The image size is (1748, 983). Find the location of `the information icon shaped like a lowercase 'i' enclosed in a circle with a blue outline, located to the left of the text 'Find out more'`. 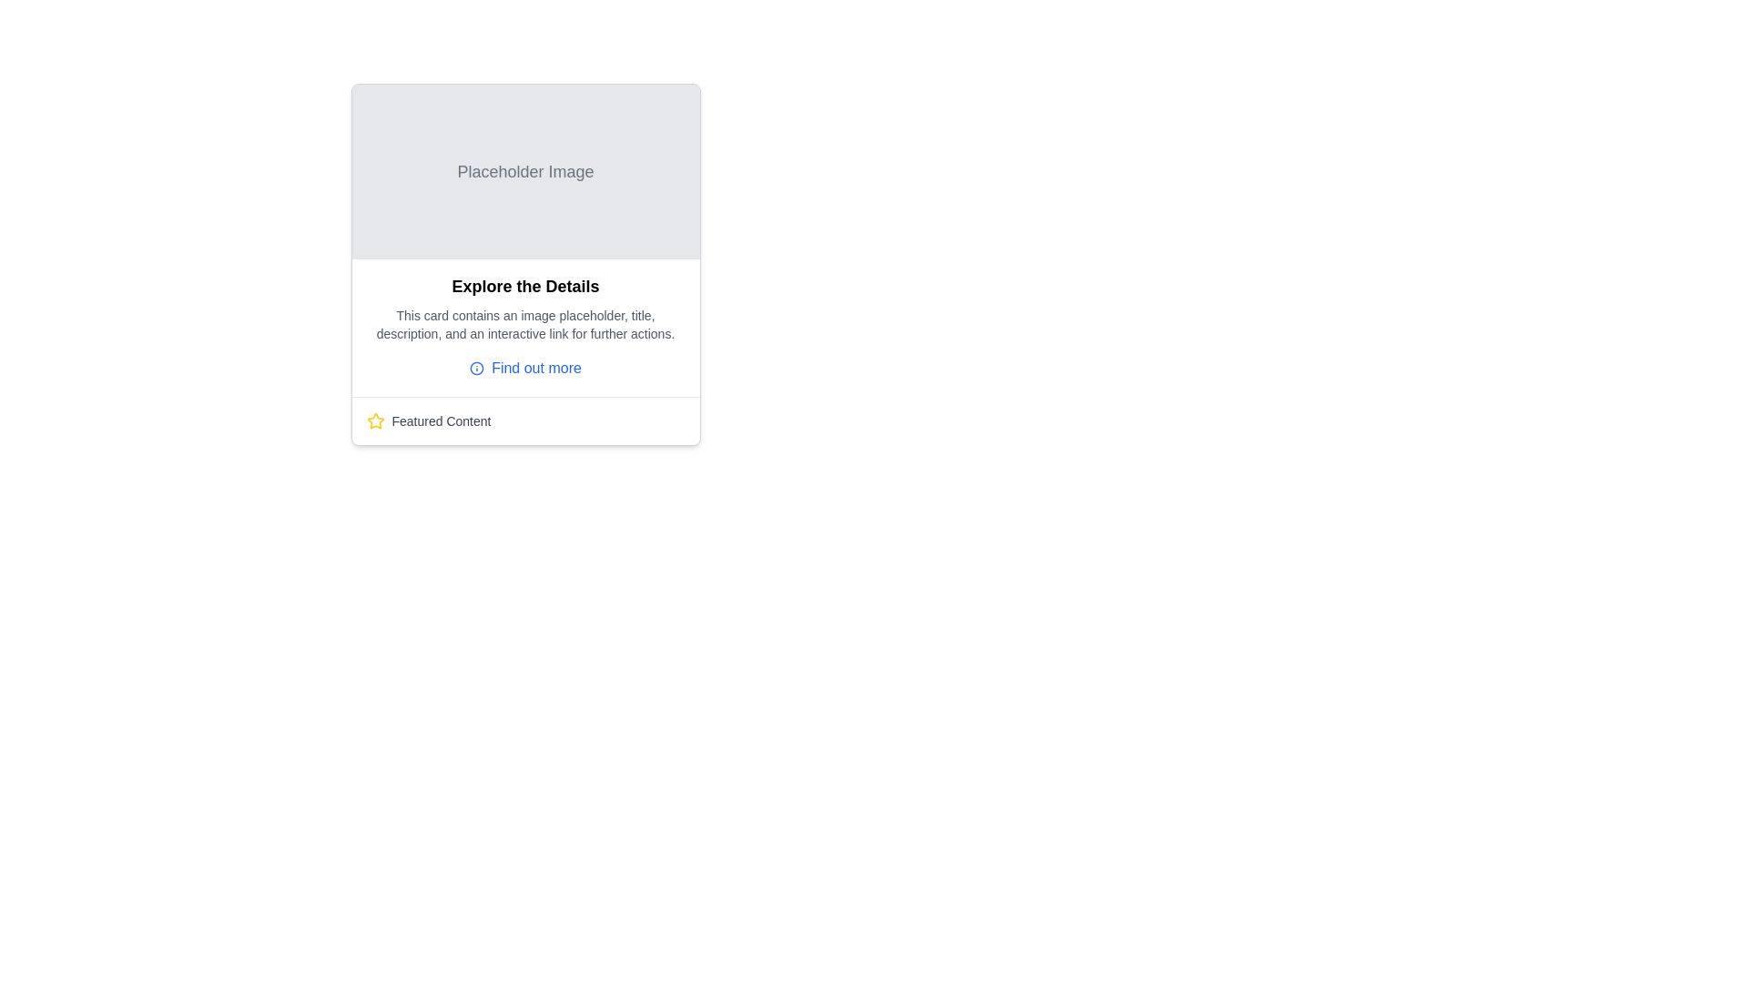

the information icon shaped like a lowercase 'i' enclosed in a circle with a blue outline, located to the left of the text 'Find out more' is located at coordinates (477, 369).